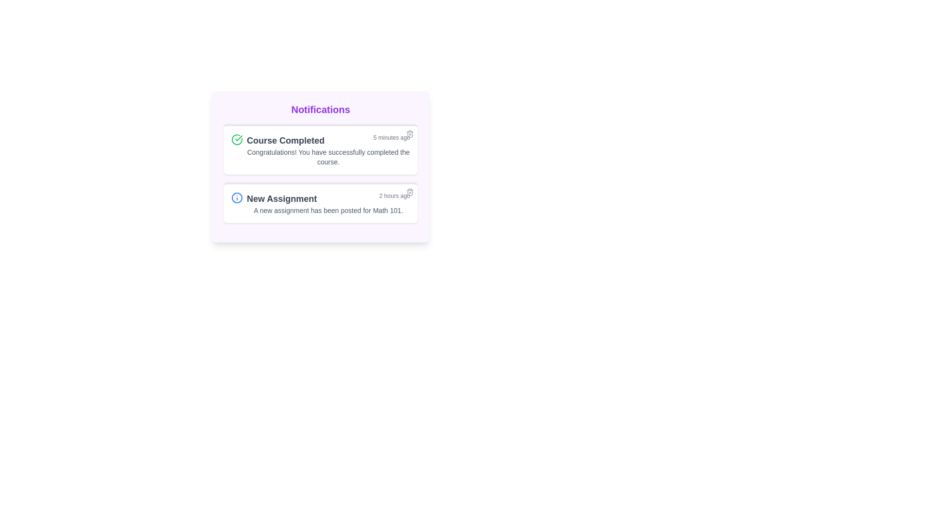 Image resolution: width=933 pixels, height=524 pixels. Describe the element at coordinates (285, 140) in the screenshot. I see `the 'Course Completed' text label, which is styled with a bold font weight, larger size, and dark gray color, located within the first notification card to the right of a green checkmark icon` at that location.